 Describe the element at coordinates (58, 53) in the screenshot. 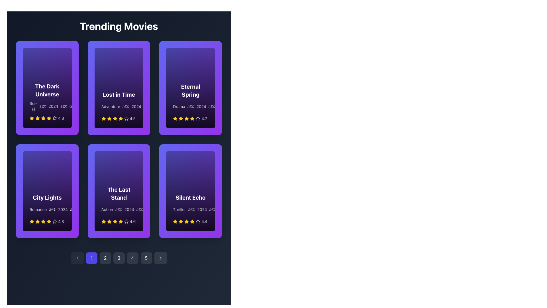

I see `the information button located in the top-right corner of the card titled 'The Dark Universe'` at that location.